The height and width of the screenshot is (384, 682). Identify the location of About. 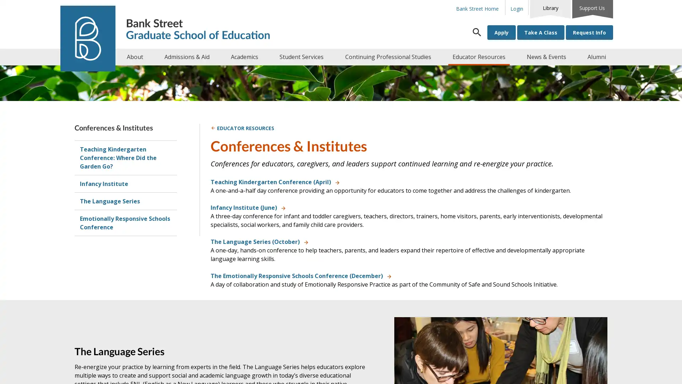
(135, 57).